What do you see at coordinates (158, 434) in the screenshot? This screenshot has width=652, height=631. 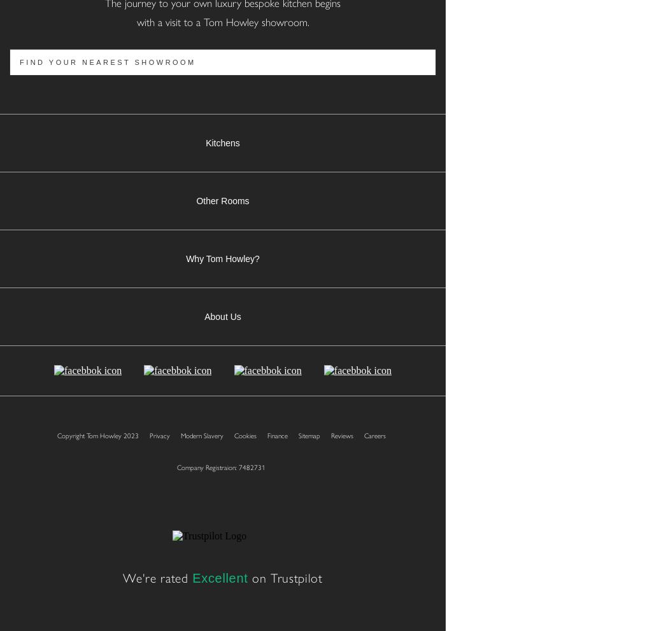 I see `'Privacy'` at bounding box center [158, 434].